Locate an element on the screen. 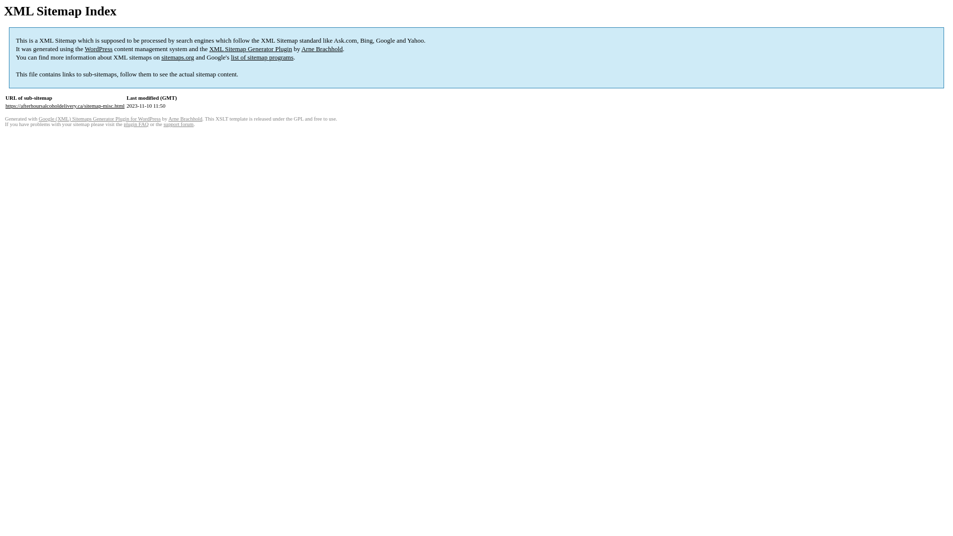 The width and height of the screenshot is (953, 536). 'list of sitemap programs' is located at coordinates (262, 57).